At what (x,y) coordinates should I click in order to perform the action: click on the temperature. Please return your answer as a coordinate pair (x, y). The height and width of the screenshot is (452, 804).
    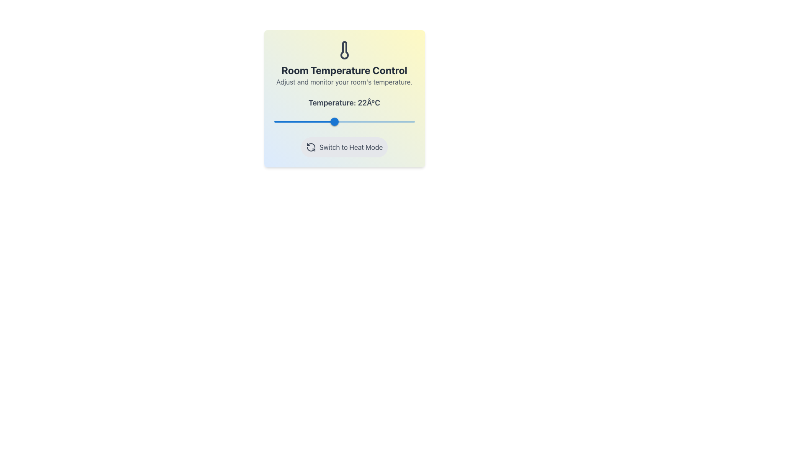
    Looking at the image, I should click on (407, 121).